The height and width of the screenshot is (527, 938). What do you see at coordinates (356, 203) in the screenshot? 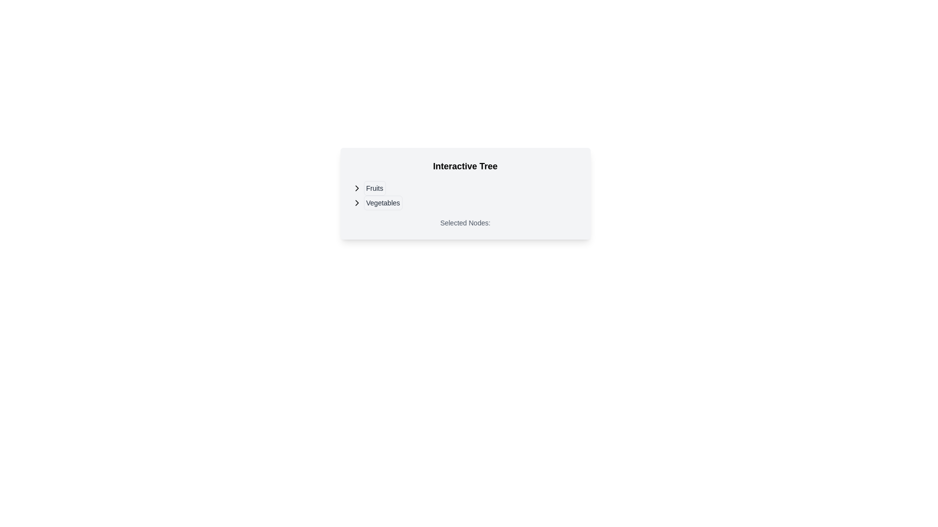
I see `the right-pointing chevron icon` at bounding box center [356, 203].